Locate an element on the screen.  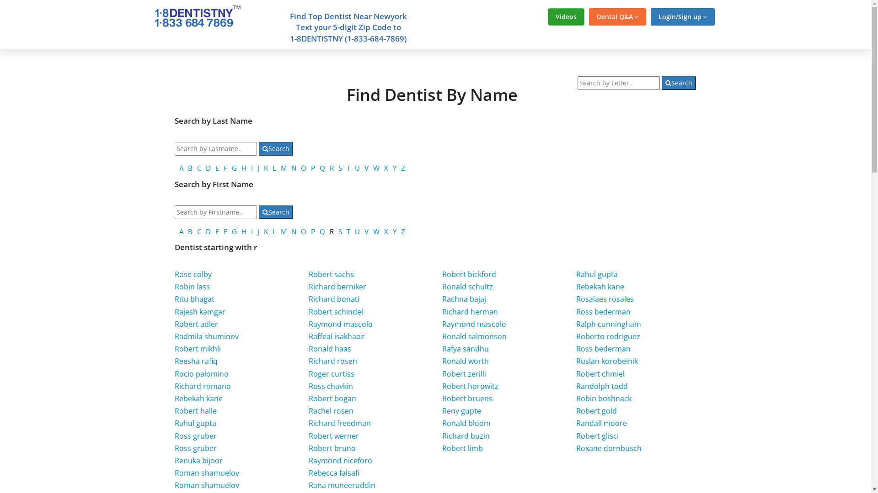
'G' is located at coordinates (234, 231).